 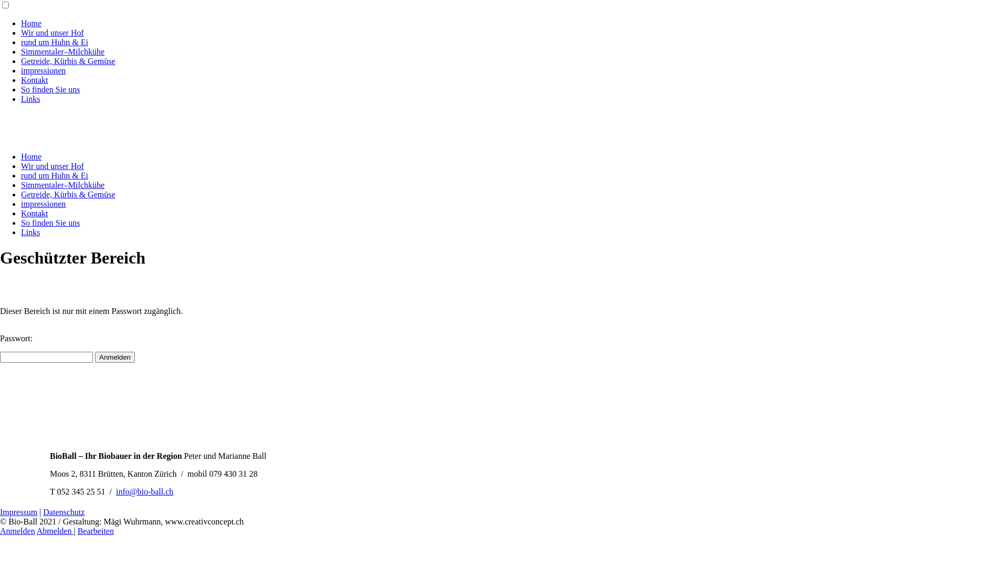 I want to click on 'Links', so click(x=30, y=232).